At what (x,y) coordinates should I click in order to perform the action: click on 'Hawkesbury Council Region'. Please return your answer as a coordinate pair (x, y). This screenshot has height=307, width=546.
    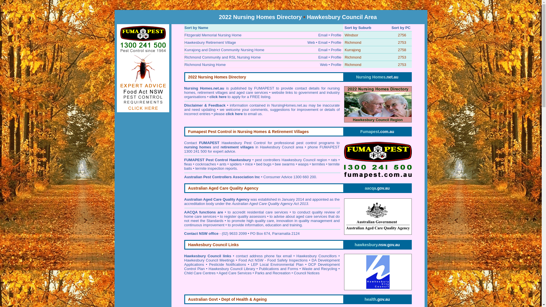
    Looking at the image, I should click on (378, 104).